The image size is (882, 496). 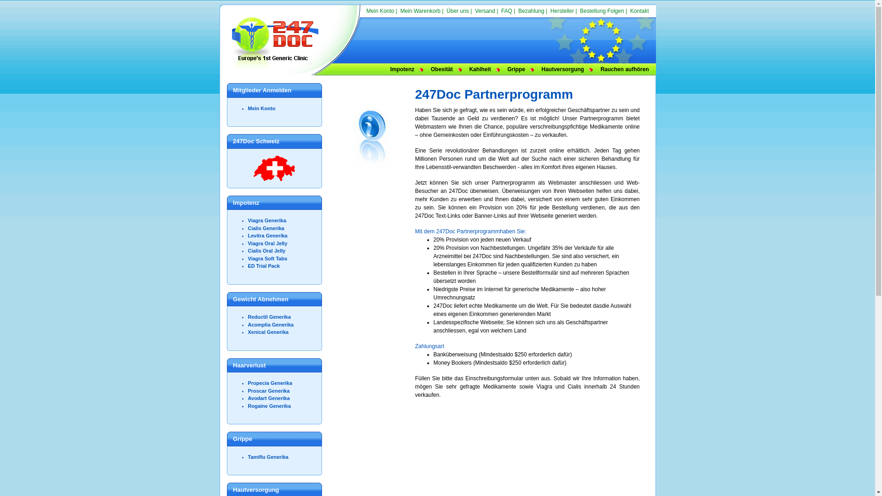 I want to click on 'Kontakt', so click(x=639, y=11).